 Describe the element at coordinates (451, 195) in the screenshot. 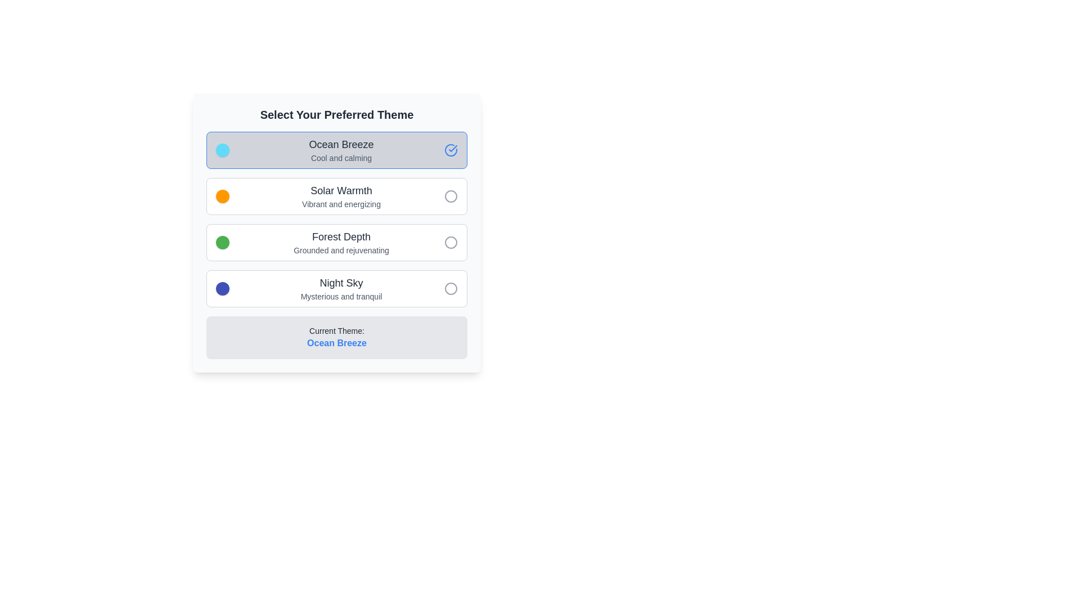

I see `the radio button for the 'Solar Warmth' theme, which is located at the far right side of the second item in the list of themes` at that location.